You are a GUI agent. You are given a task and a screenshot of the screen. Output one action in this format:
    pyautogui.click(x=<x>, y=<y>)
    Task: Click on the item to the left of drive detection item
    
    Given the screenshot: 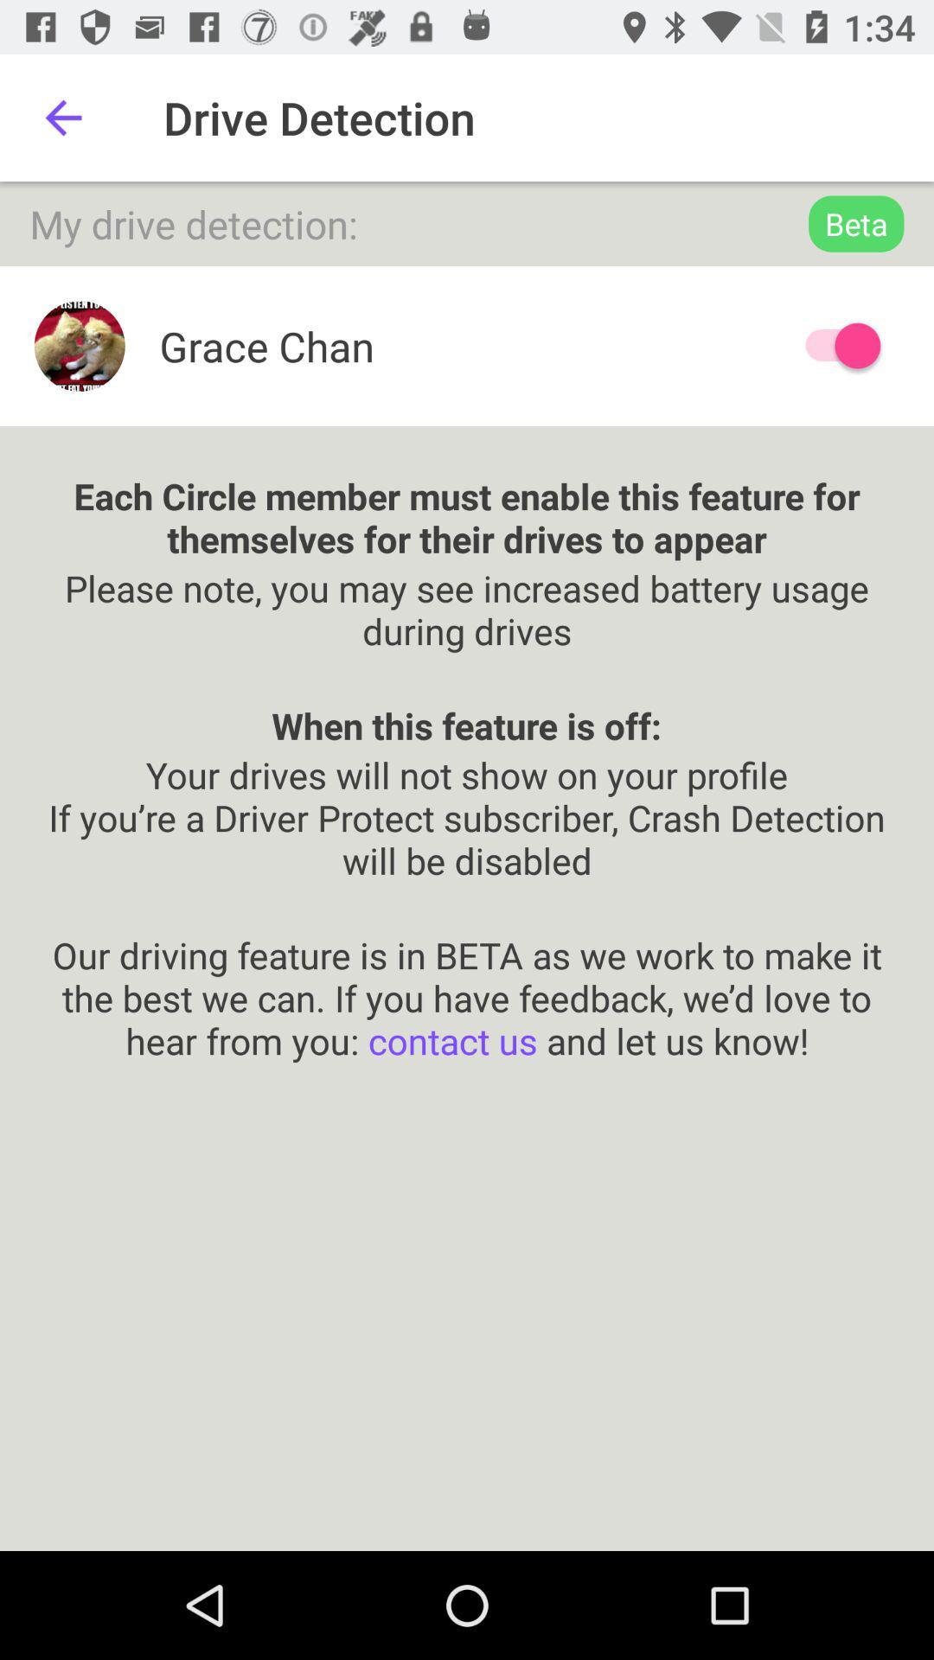 What is the action you would take?
    pyautogui.click(x=62, y=117)
    